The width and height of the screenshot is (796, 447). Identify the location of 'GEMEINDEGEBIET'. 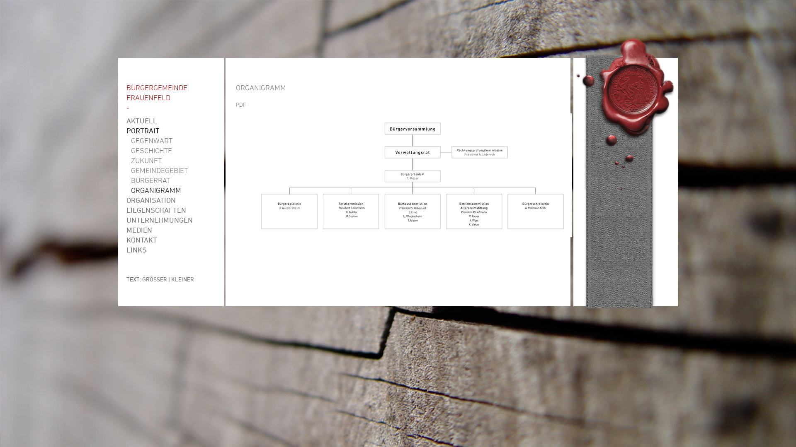
(170, 170).